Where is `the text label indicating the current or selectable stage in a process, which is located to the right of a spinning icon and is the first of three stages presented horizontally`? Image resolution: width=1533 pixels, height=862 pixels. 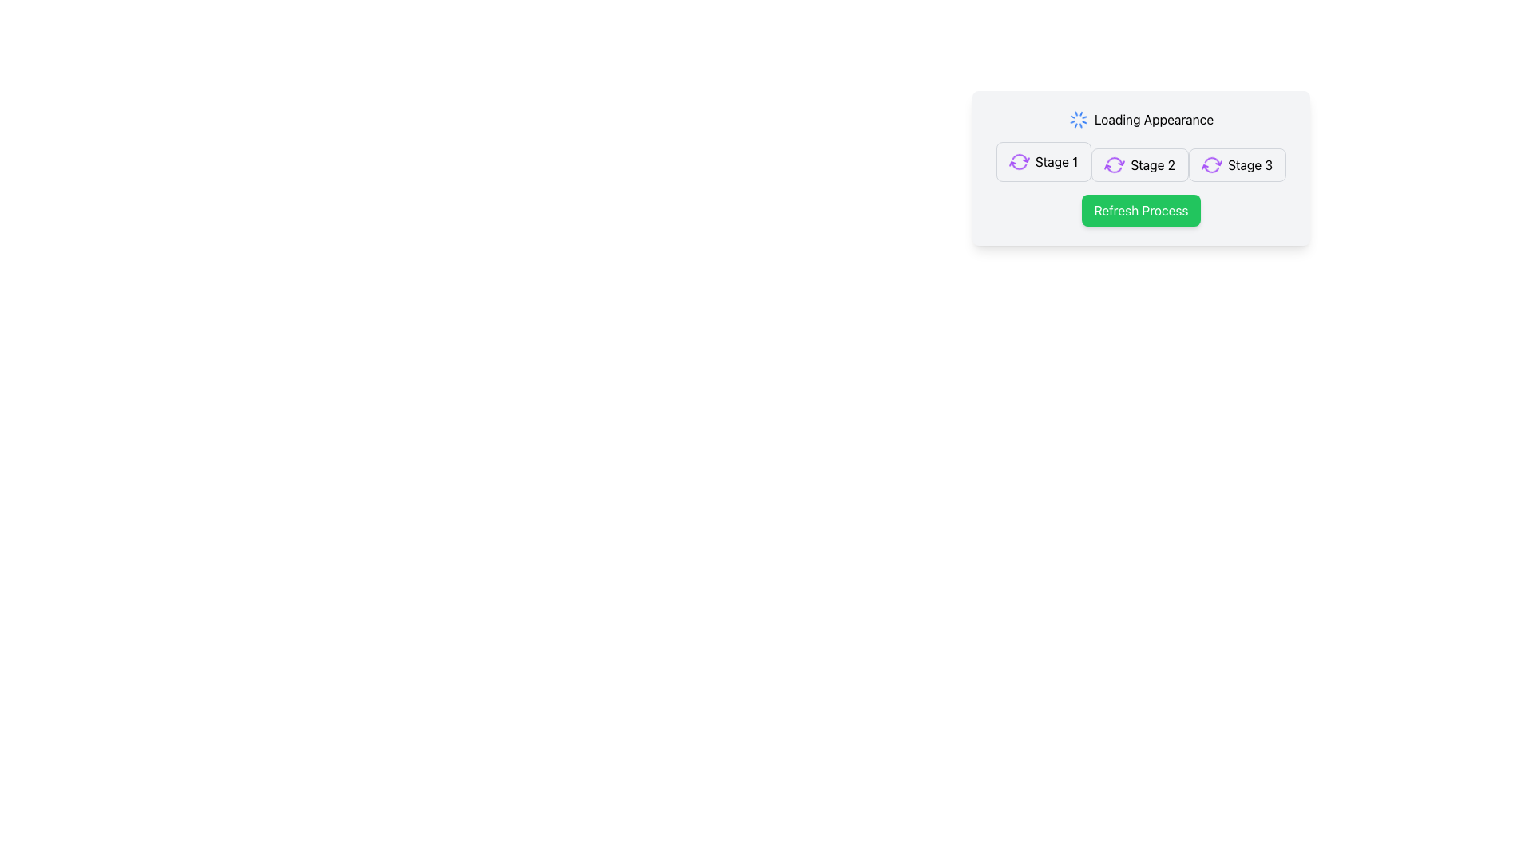 the text label indicating the current or selectable stage in a process, which is located to the right of a spinning icon and is the first of three stages presented horizontally is located at coordinates (1056, 162).